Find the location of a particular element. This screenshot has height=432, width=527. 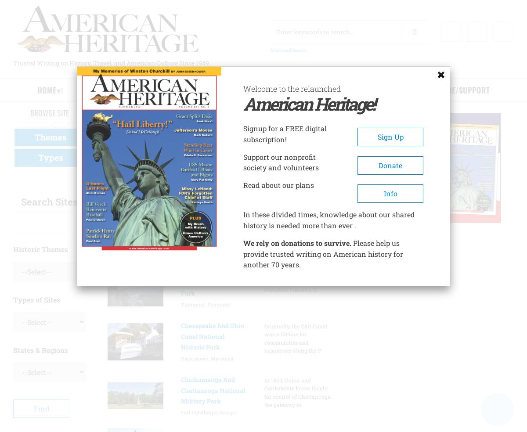

'Search Sites' is located at coordinates (49, 201).